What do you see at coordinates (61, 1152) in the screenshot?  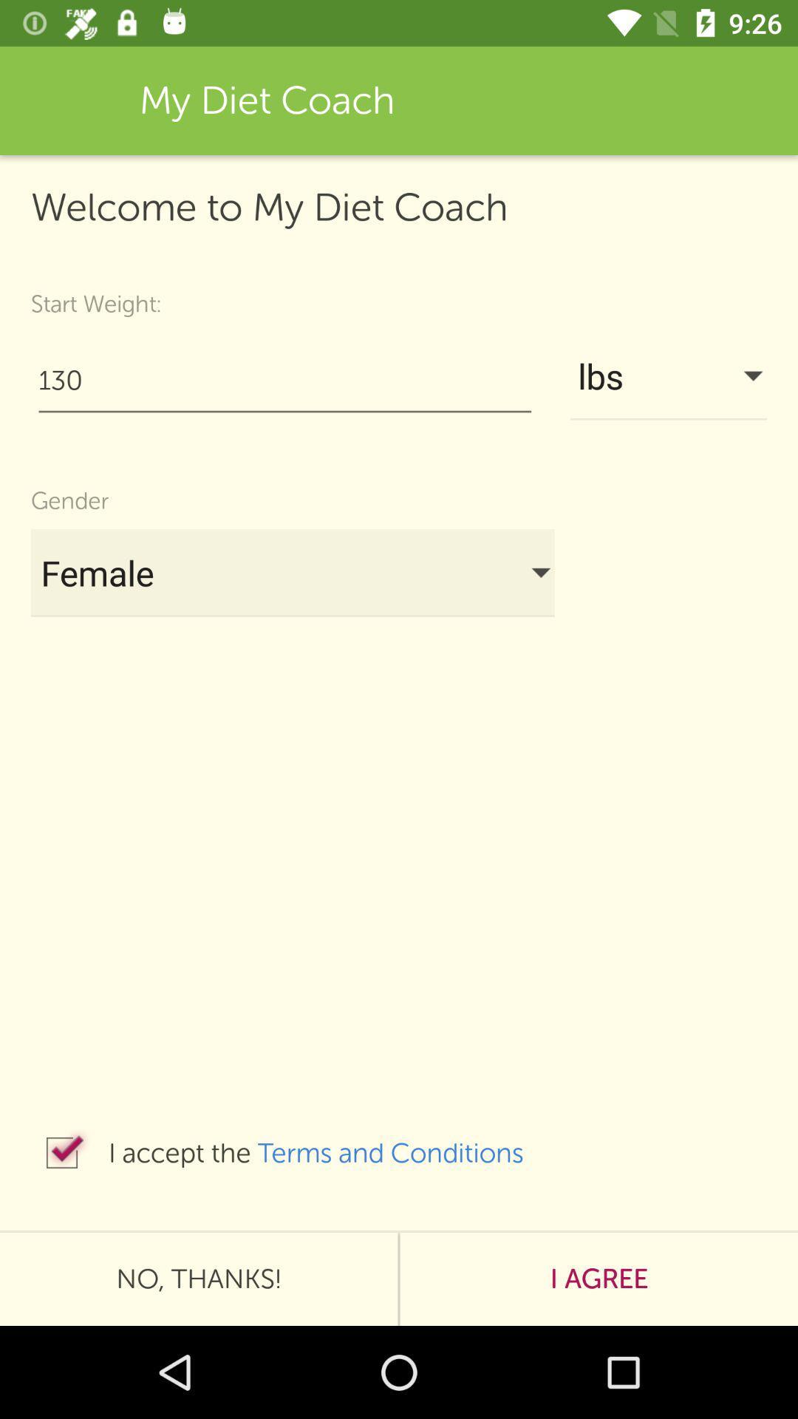 I see `the icon below the female icon` at bounding box center [61, 1152].